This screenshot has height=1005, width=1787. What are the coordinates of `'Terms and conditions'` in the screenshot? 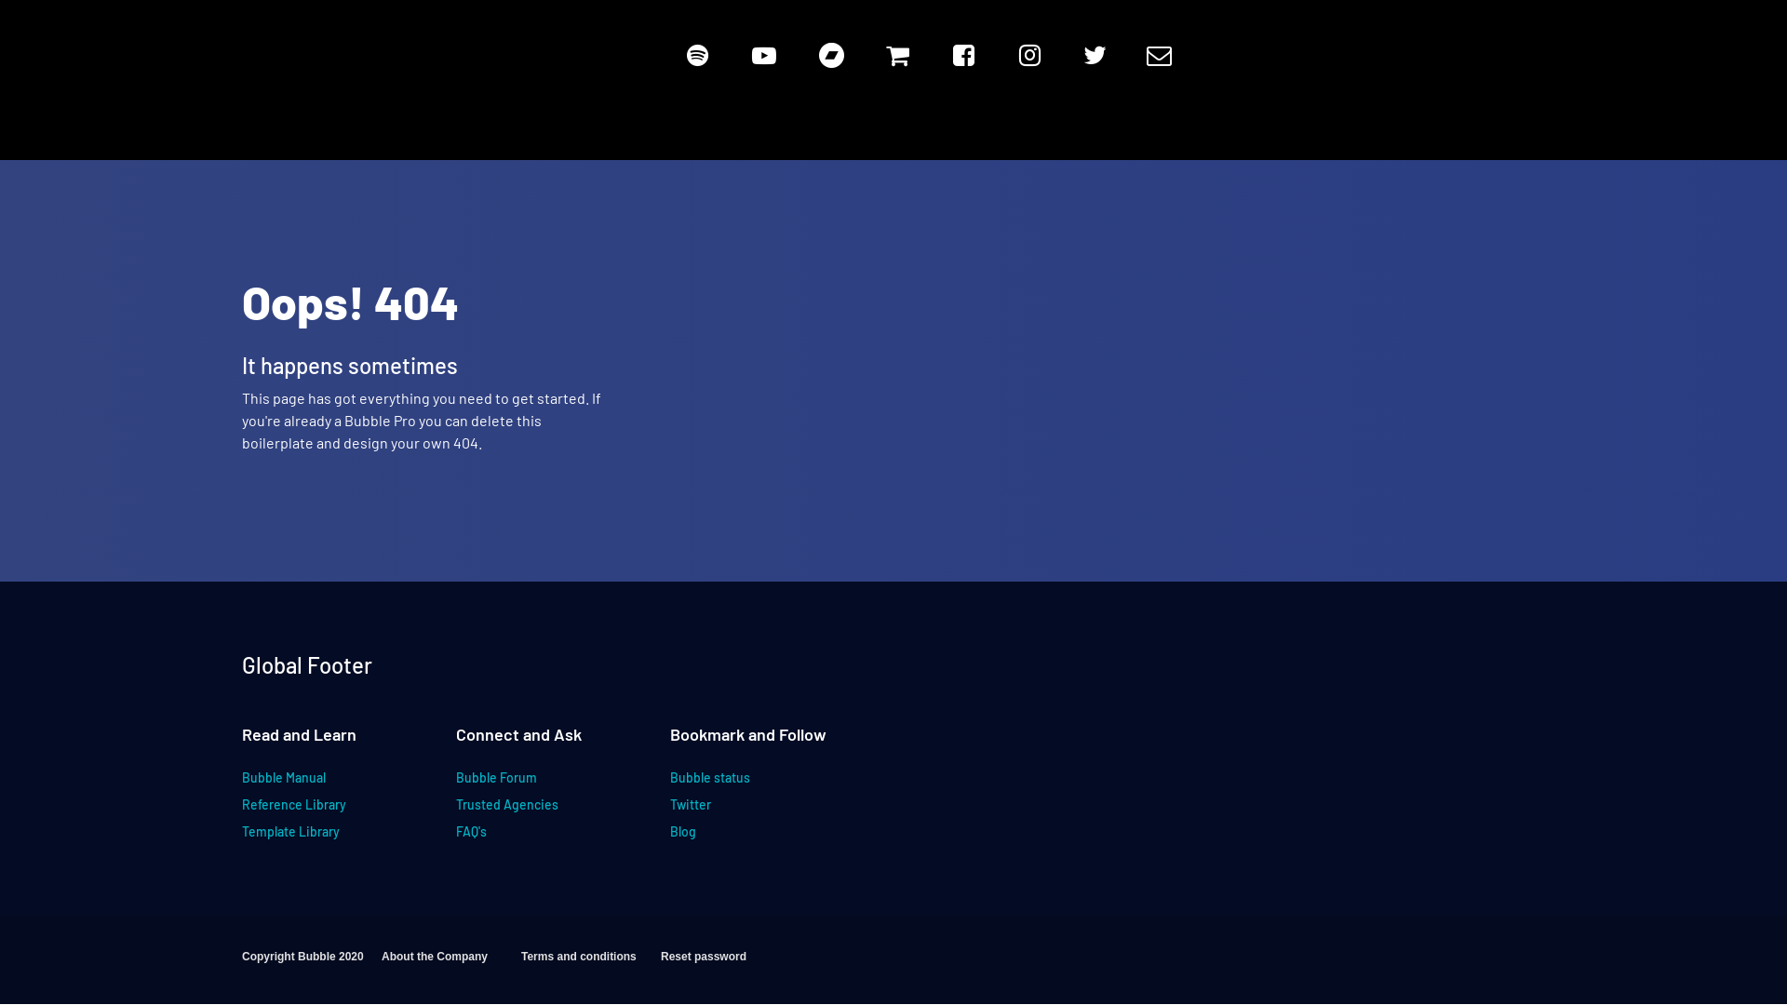 It's located at (589, 963).